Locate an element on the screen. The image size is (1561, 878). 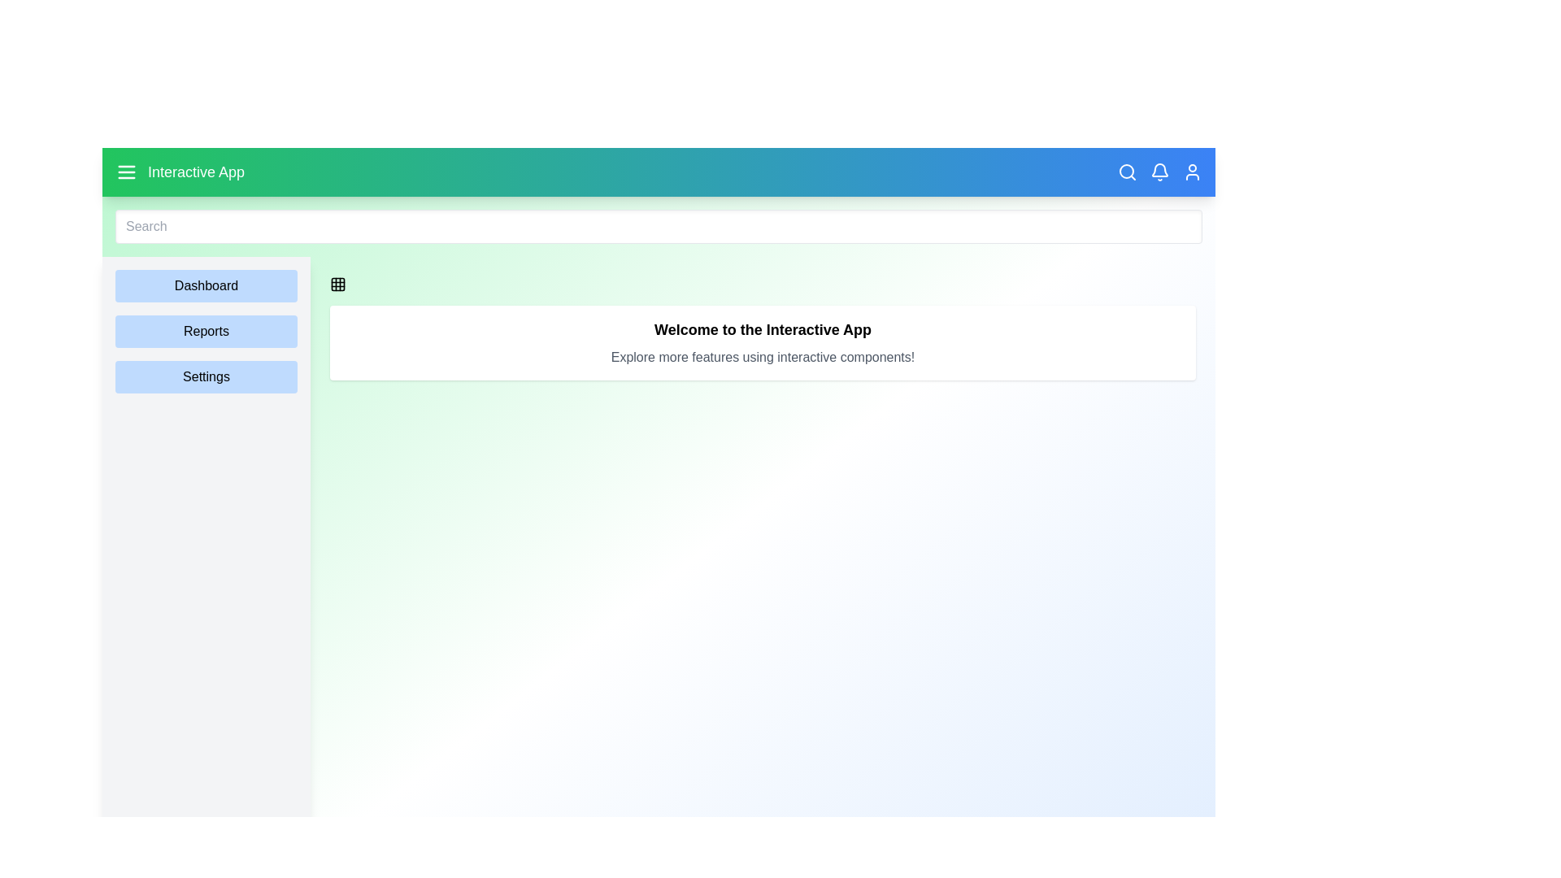
the Reports in the sidebar to navigate is located at coordinates (206, 331).